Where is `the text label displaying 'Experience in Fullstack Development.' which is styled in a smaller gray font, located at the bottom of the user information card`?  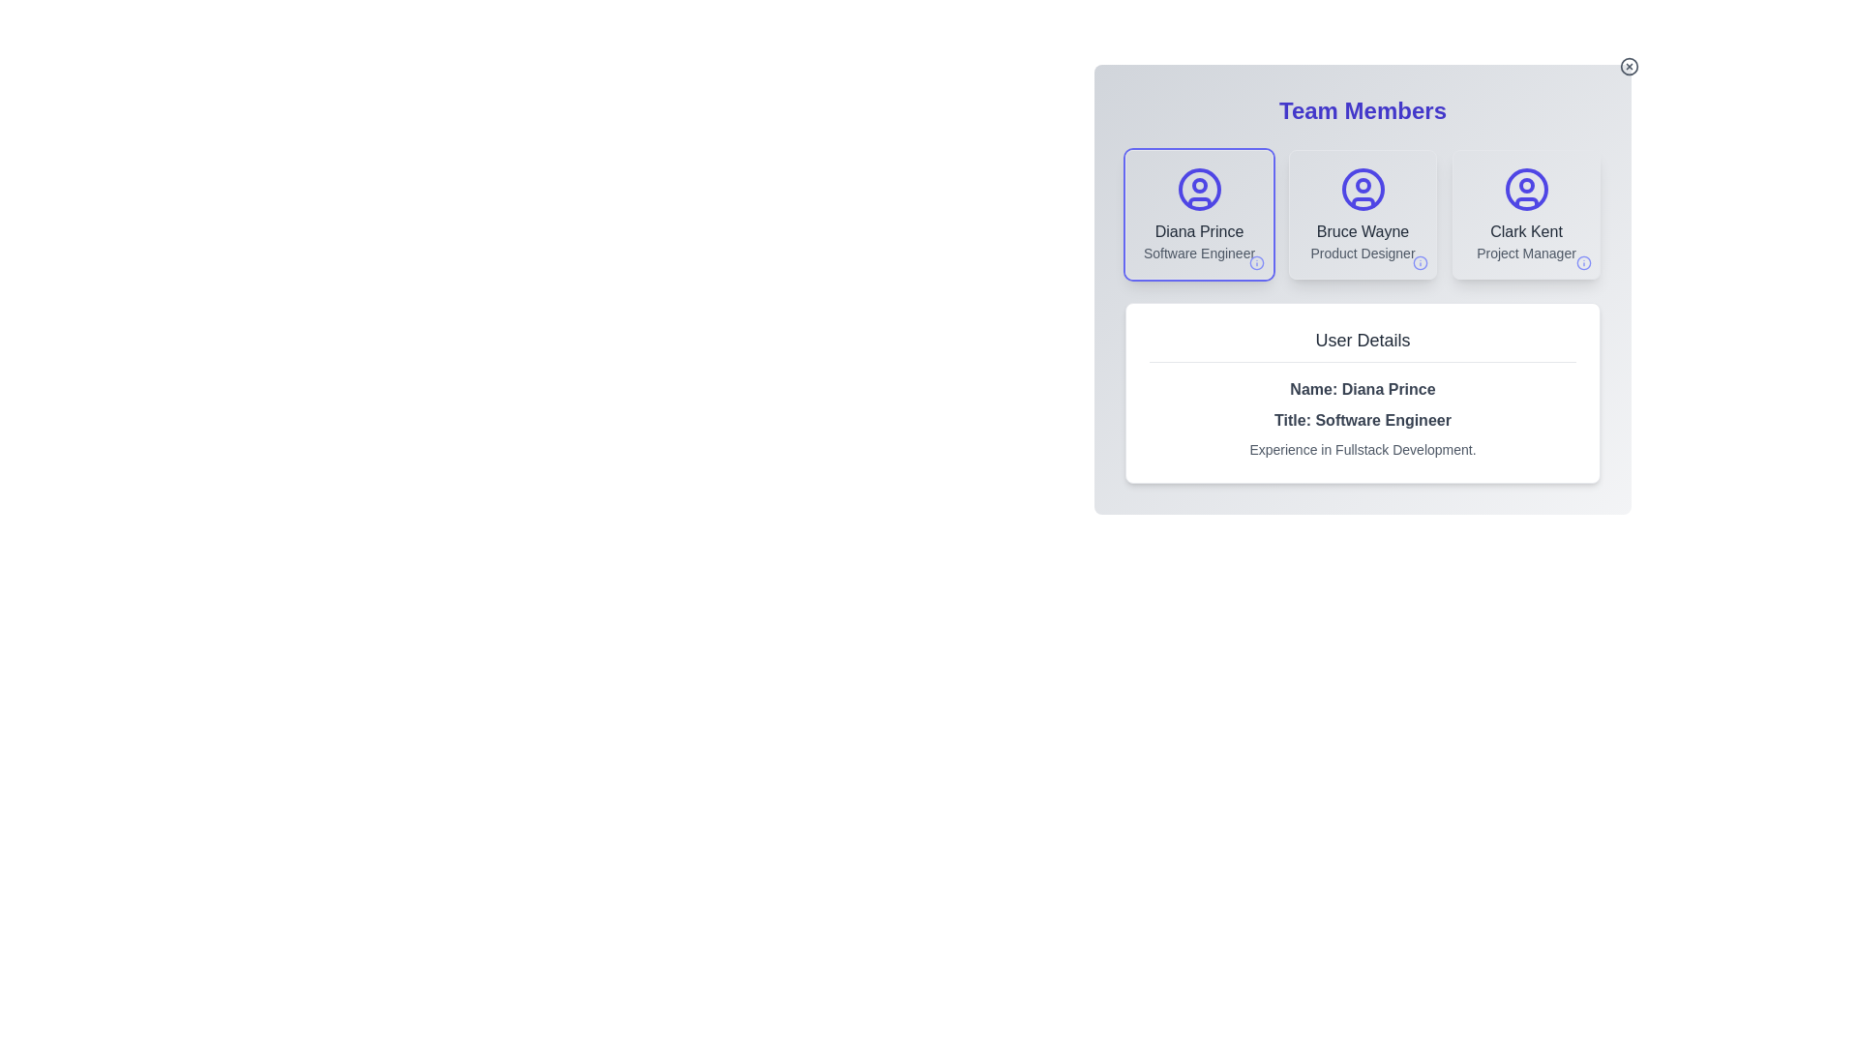 the text label displaying 'Experience in Fullstack Development.' which is styled in a smaller gray font, located at the bottom of the user information card is located at coordinates (1362, 450).